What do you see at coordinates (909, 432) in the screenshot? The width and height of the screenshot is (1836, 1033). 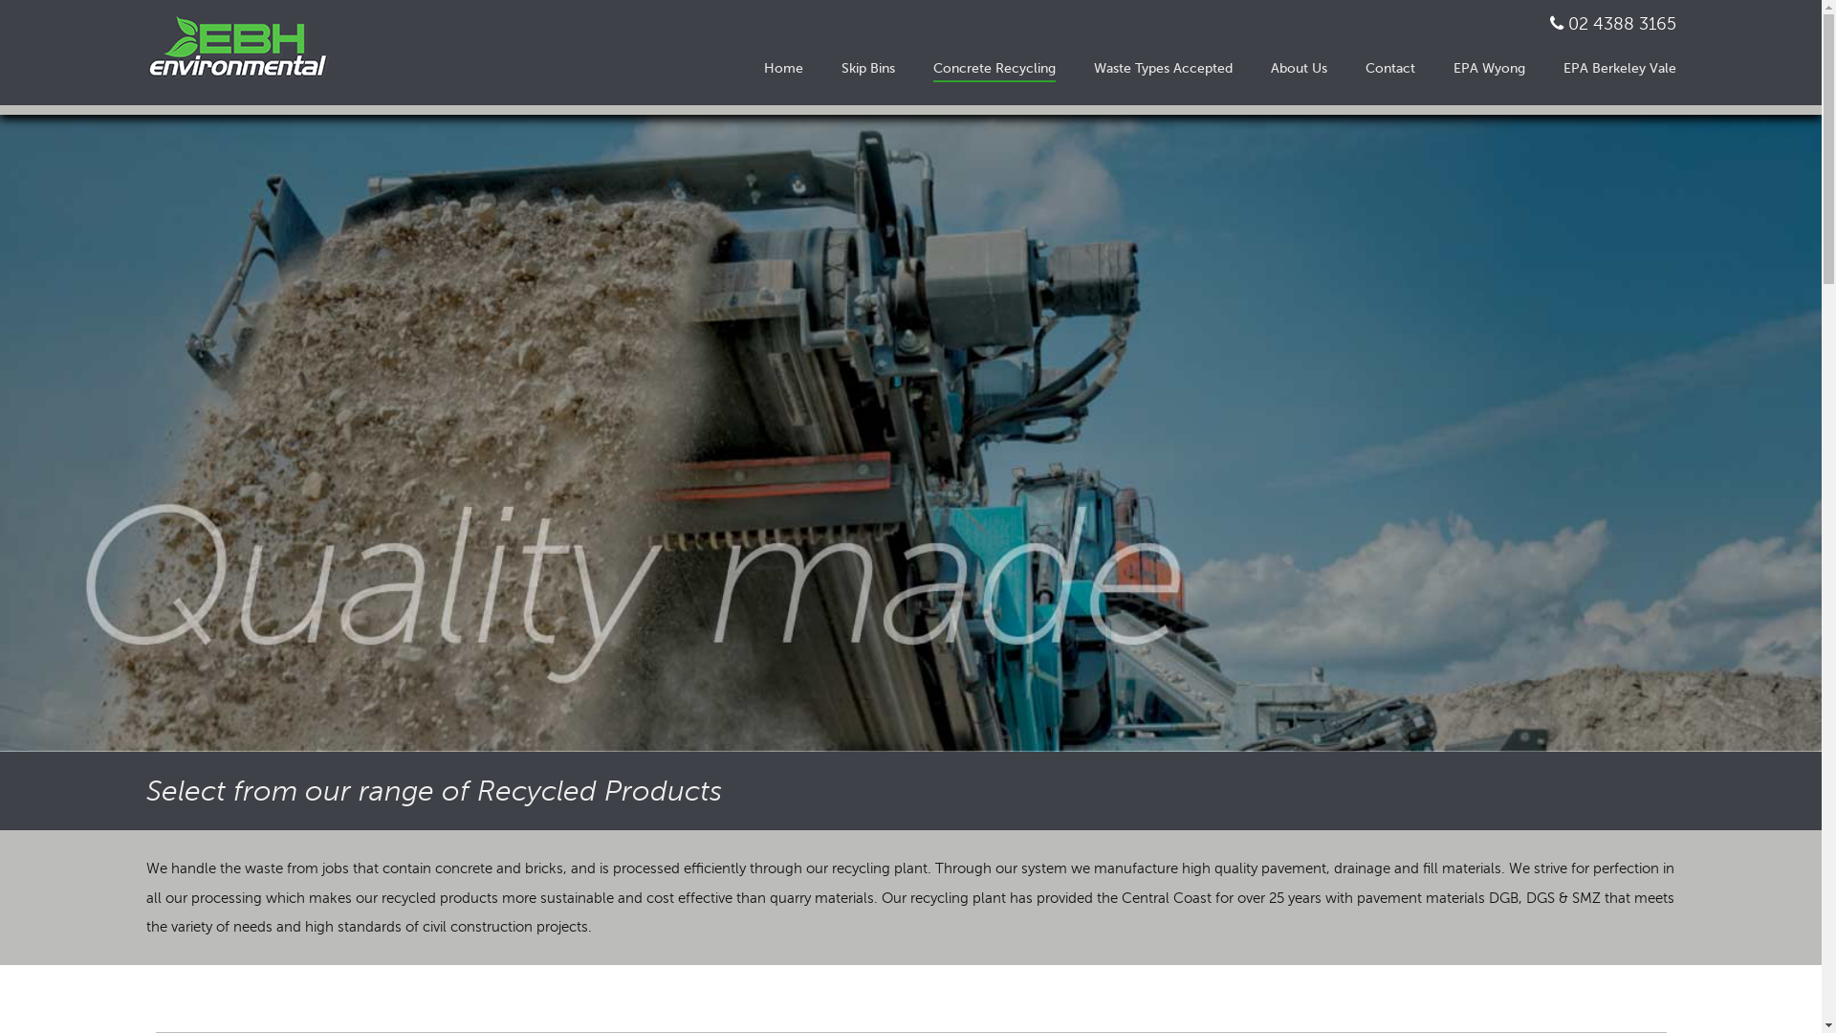 I see `'EBH Concrete Cycling machinery'` at bounding box center [909, 432].